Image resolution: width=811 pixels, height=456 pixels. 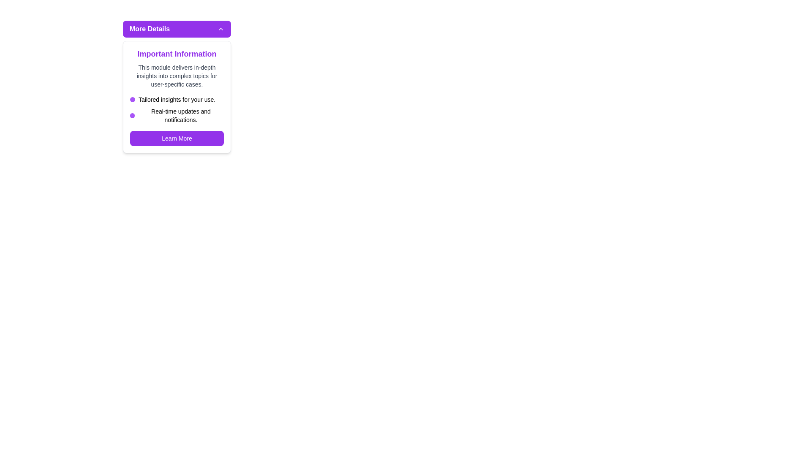 I want to click on the upward arrow icon located in the top-right corner of the 'More Details' button within the purple header section of the card, so click(x=221, y=29).